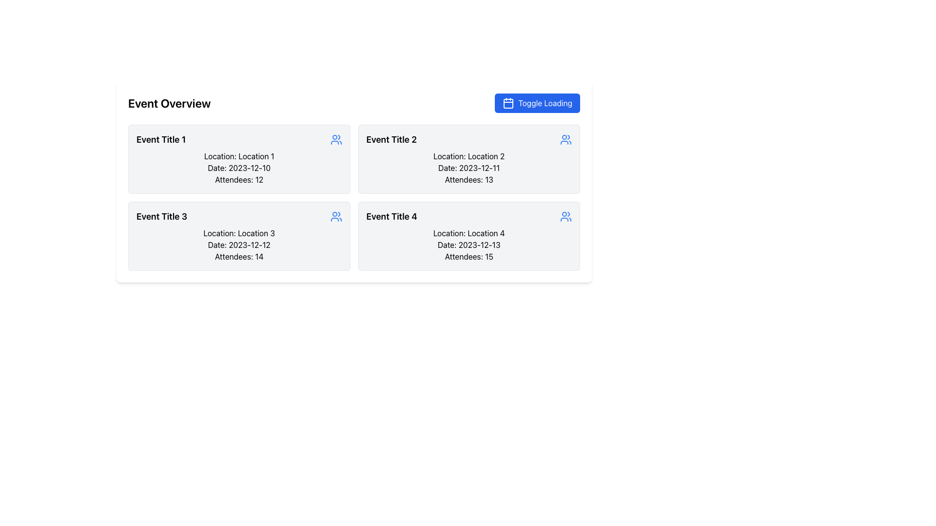 The width and height of the screenshot is (936, 526). I want to click on the Text Label displaying the date for the event in the card labeled 'Event Title 2', located between 'Location: Location 2' and 'Attendees: 13', so click(469, 167).